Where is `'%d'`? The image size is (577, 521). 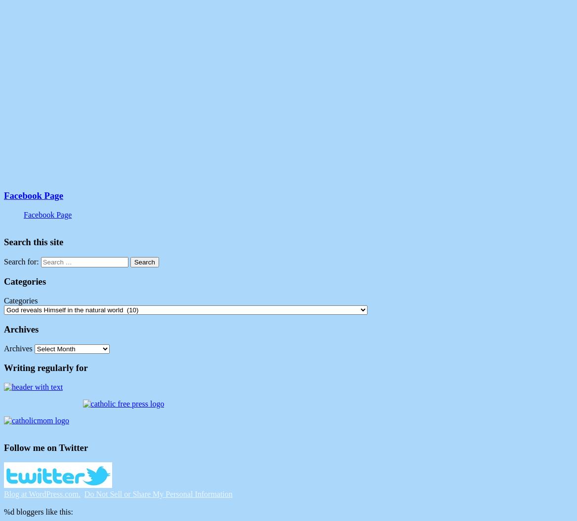 '%d' is located at coordinates (9, 511).